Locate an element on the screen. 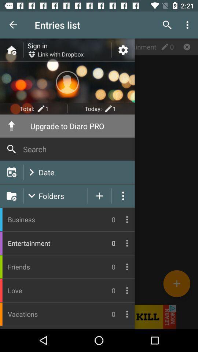 The width and height of the screenshot is (198, 352). the close icon is located at coordinates (187, 46).